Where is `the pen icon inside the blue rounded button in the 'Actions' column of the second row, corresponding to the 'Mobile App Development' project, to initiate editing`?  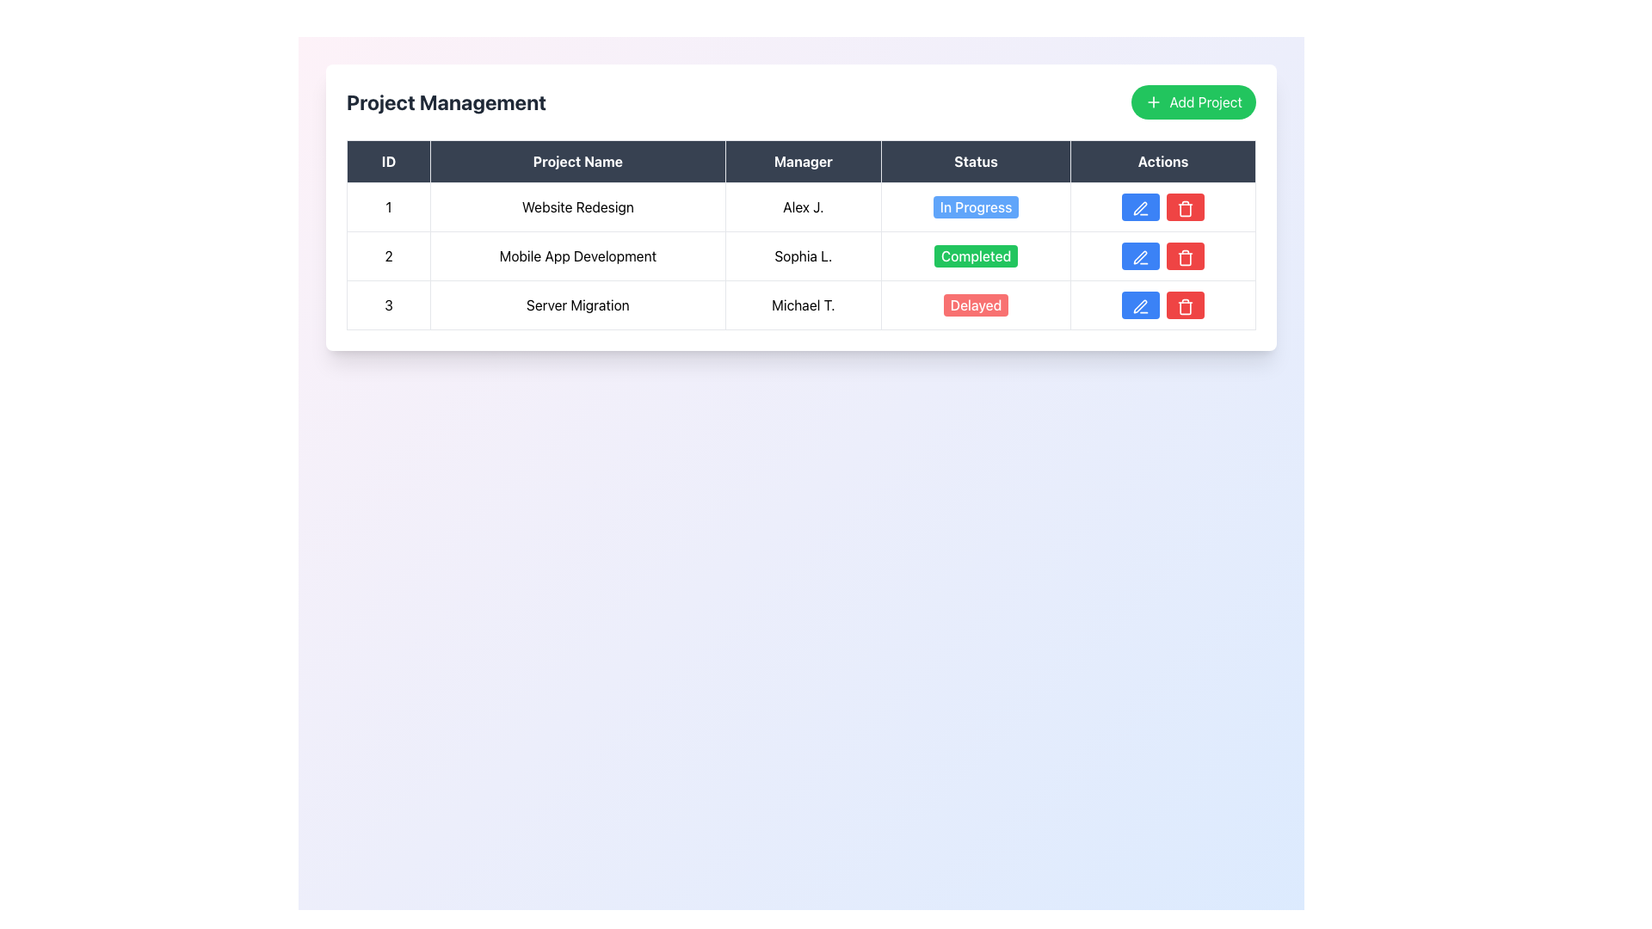 the pen icon inside the blue rounded button in the 'Actions' column of the second row, corresponding to the 'Mobile App Development' project, to initiate editing is located at coordinates (1141, 257).